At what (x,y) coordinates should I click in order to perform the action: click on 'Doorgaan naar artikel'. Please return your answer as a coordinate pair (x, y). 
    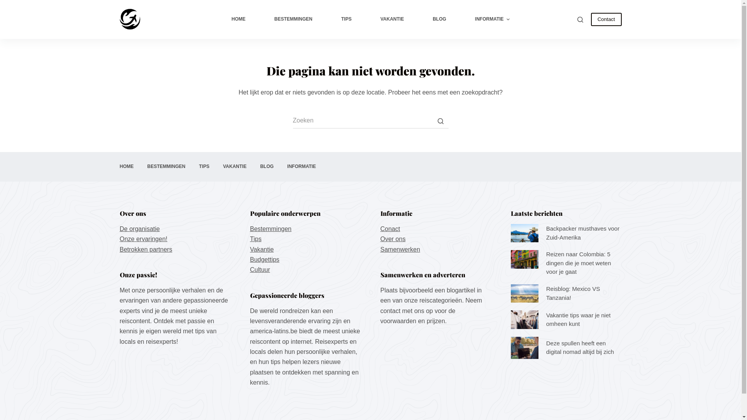
    Looking at the image, I should click on (0, 4).